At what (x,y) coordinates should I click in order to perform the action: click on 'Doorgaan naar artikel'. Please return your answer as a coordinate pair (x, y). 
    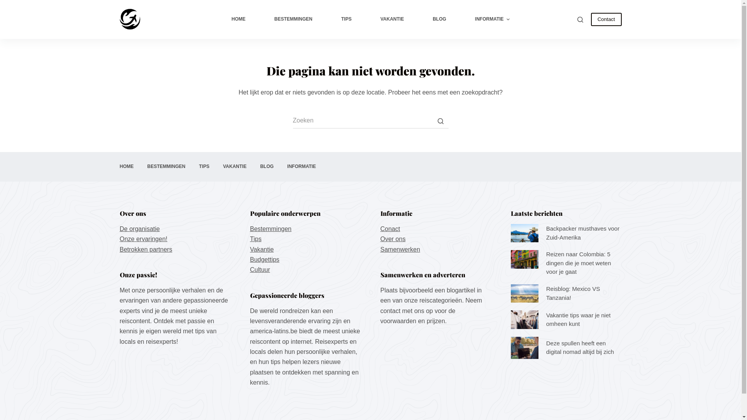
    Looking at the image, I should click on (0, 4).